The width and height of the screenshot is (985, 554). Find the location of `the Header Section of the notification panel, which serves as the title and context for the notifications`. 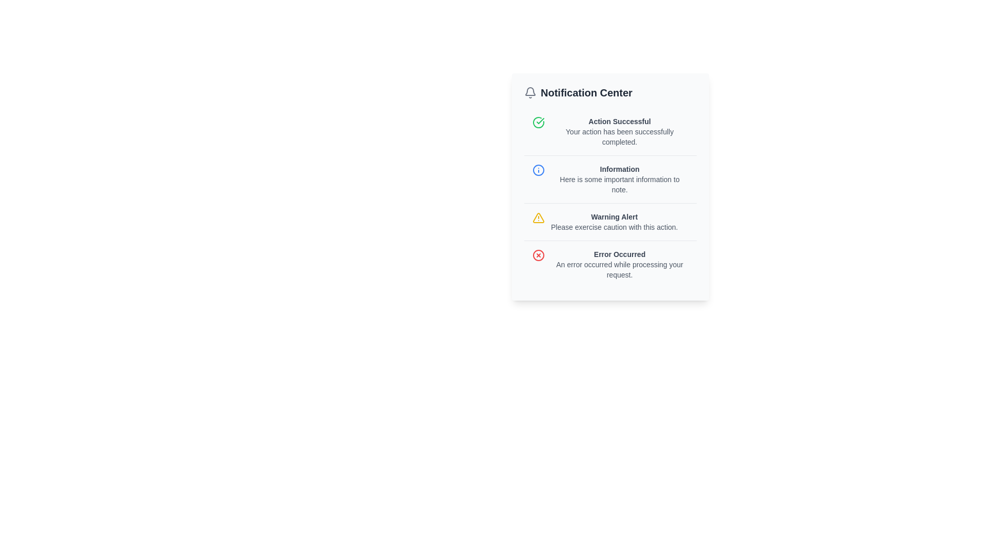

the Header Section of the notification panel, which serves as the title and context for the notifications is located at coordinates (610, 93).